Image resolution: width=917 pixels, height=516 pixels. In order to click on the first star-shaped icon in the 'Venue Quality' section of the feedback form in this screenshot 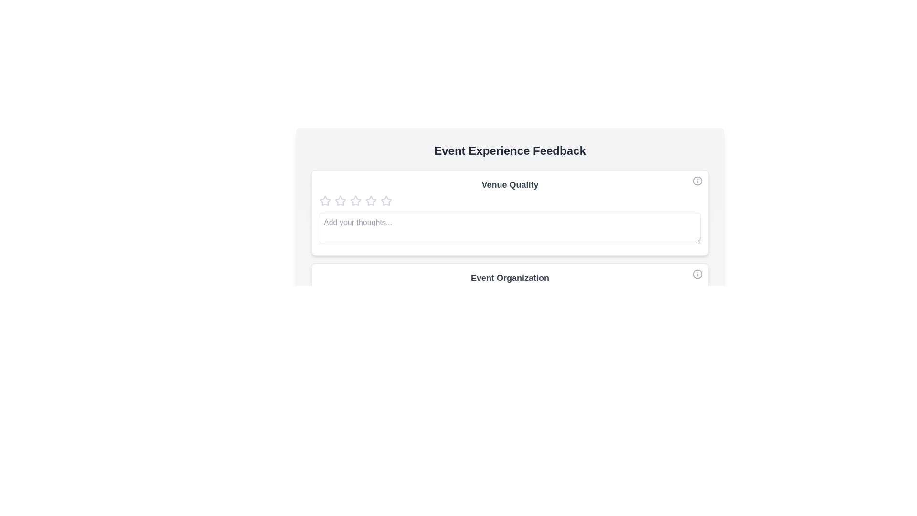, I will do `click(325, 200)`.